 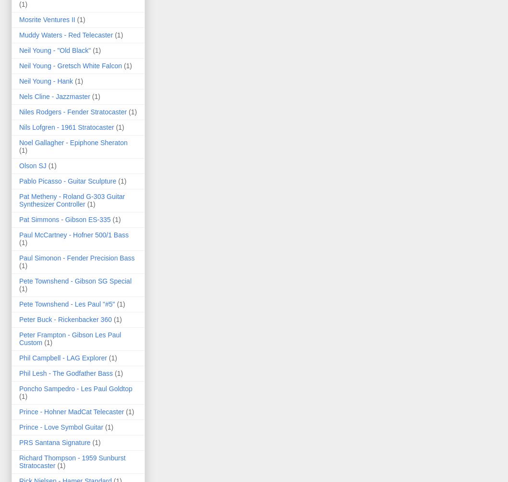 What do you see at coordinates (54, 441) in the screenshot?
I see `'PRS Santana Signature'` at bounding box center [54, 441].